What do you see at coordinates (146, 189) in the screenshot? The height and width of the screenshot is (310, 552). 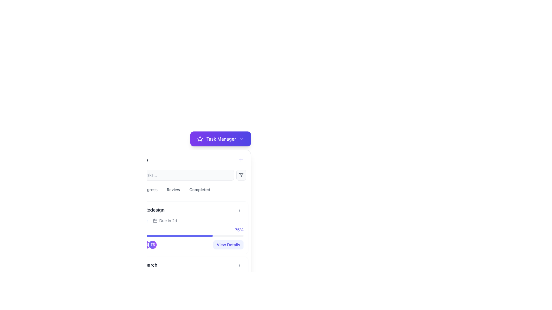 I see `the Navigation tab` at bounding box center [146, 189].